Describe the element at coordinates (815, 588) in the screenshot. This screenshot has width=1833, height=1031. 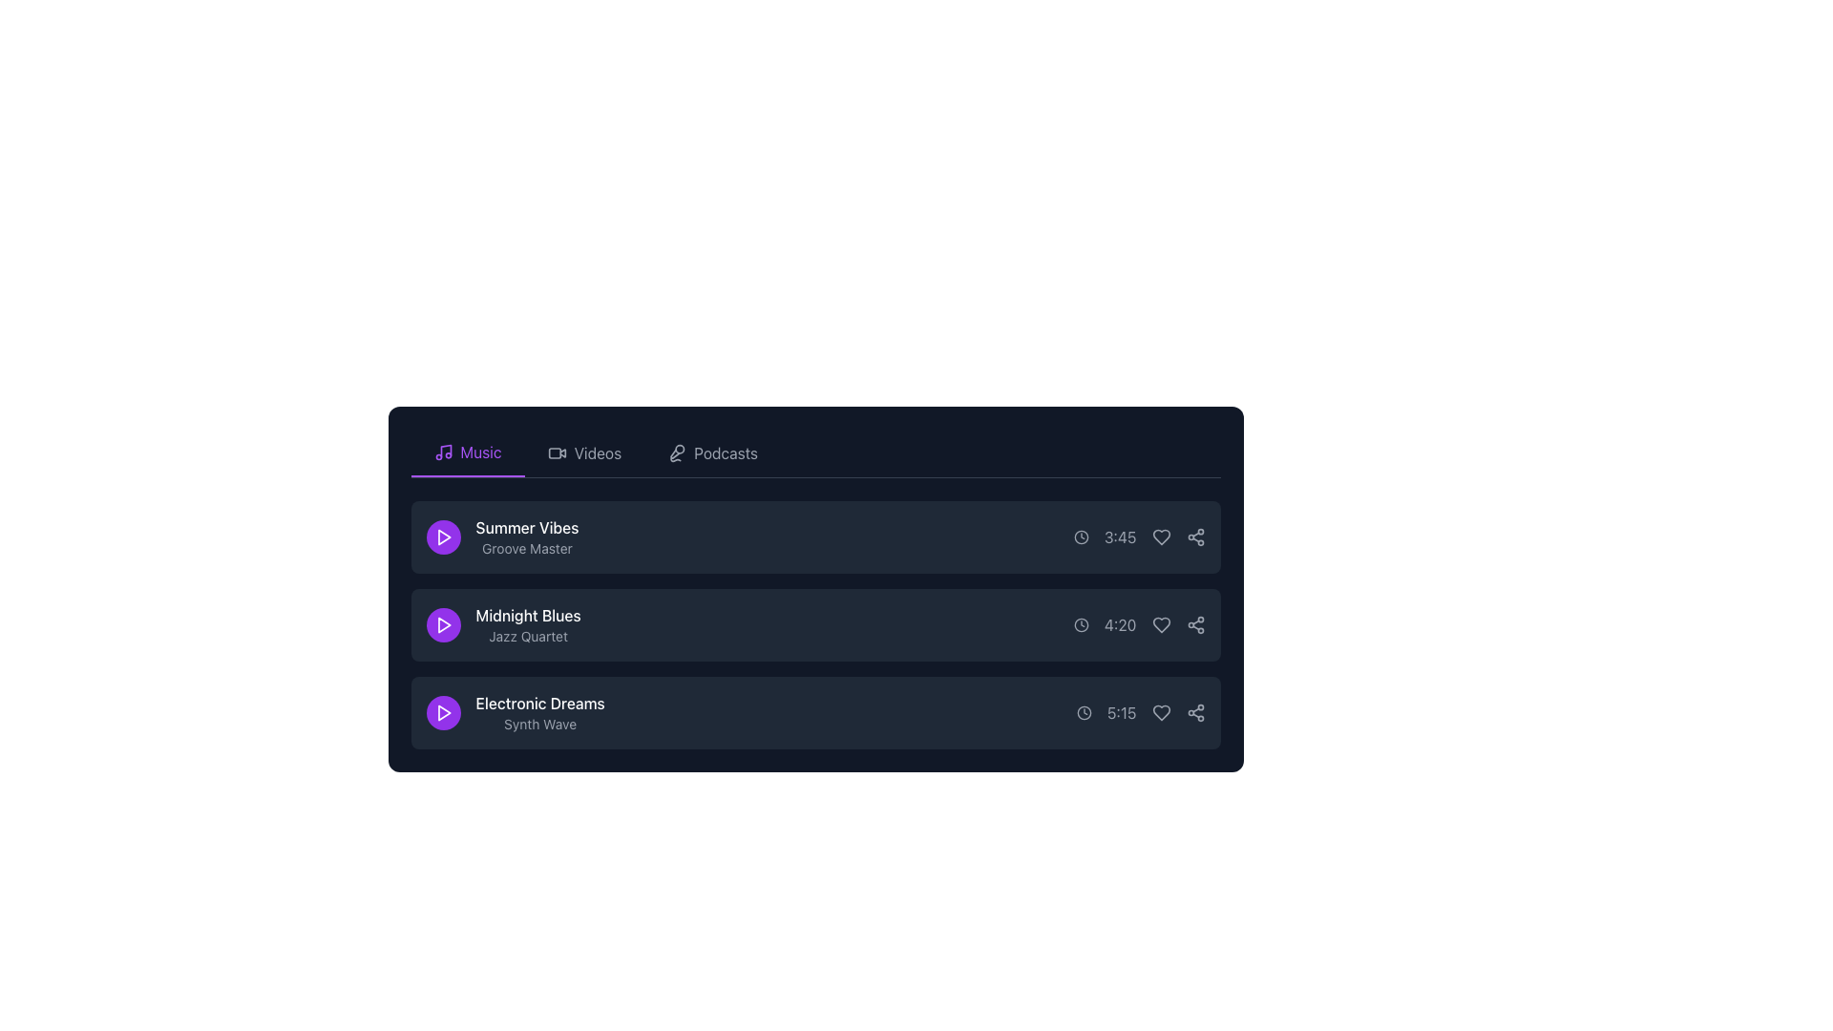
I see `the details of the second track in the list, located centrally in the rounded rectangular card with a dark background, following 'Summer Vibes' and preceding 'Electronic Dreams'` at that location.